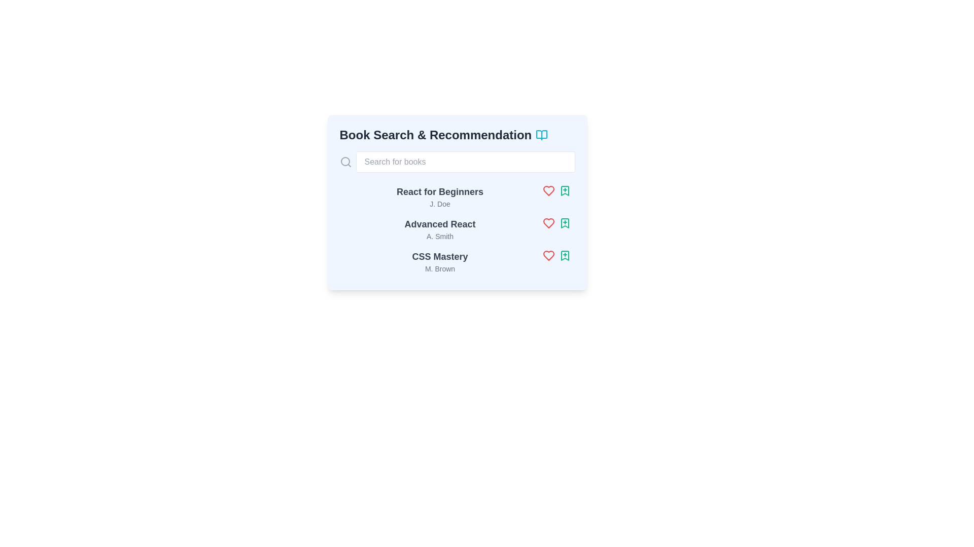 This screenshot has width=974, height=547. Describe the element at coordinates (440, 197) in the screenshot. I see `the first book title in the list, which displays the title and author of the book, for further actions` at that location.